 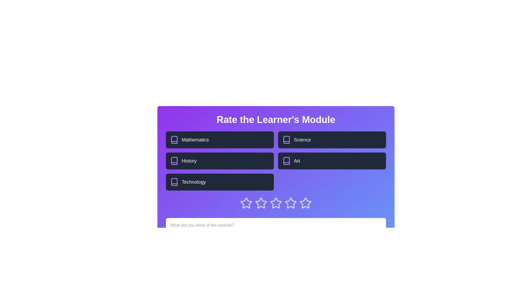 I want to click on the topic block labeled Art, so click(x=332, y=160).